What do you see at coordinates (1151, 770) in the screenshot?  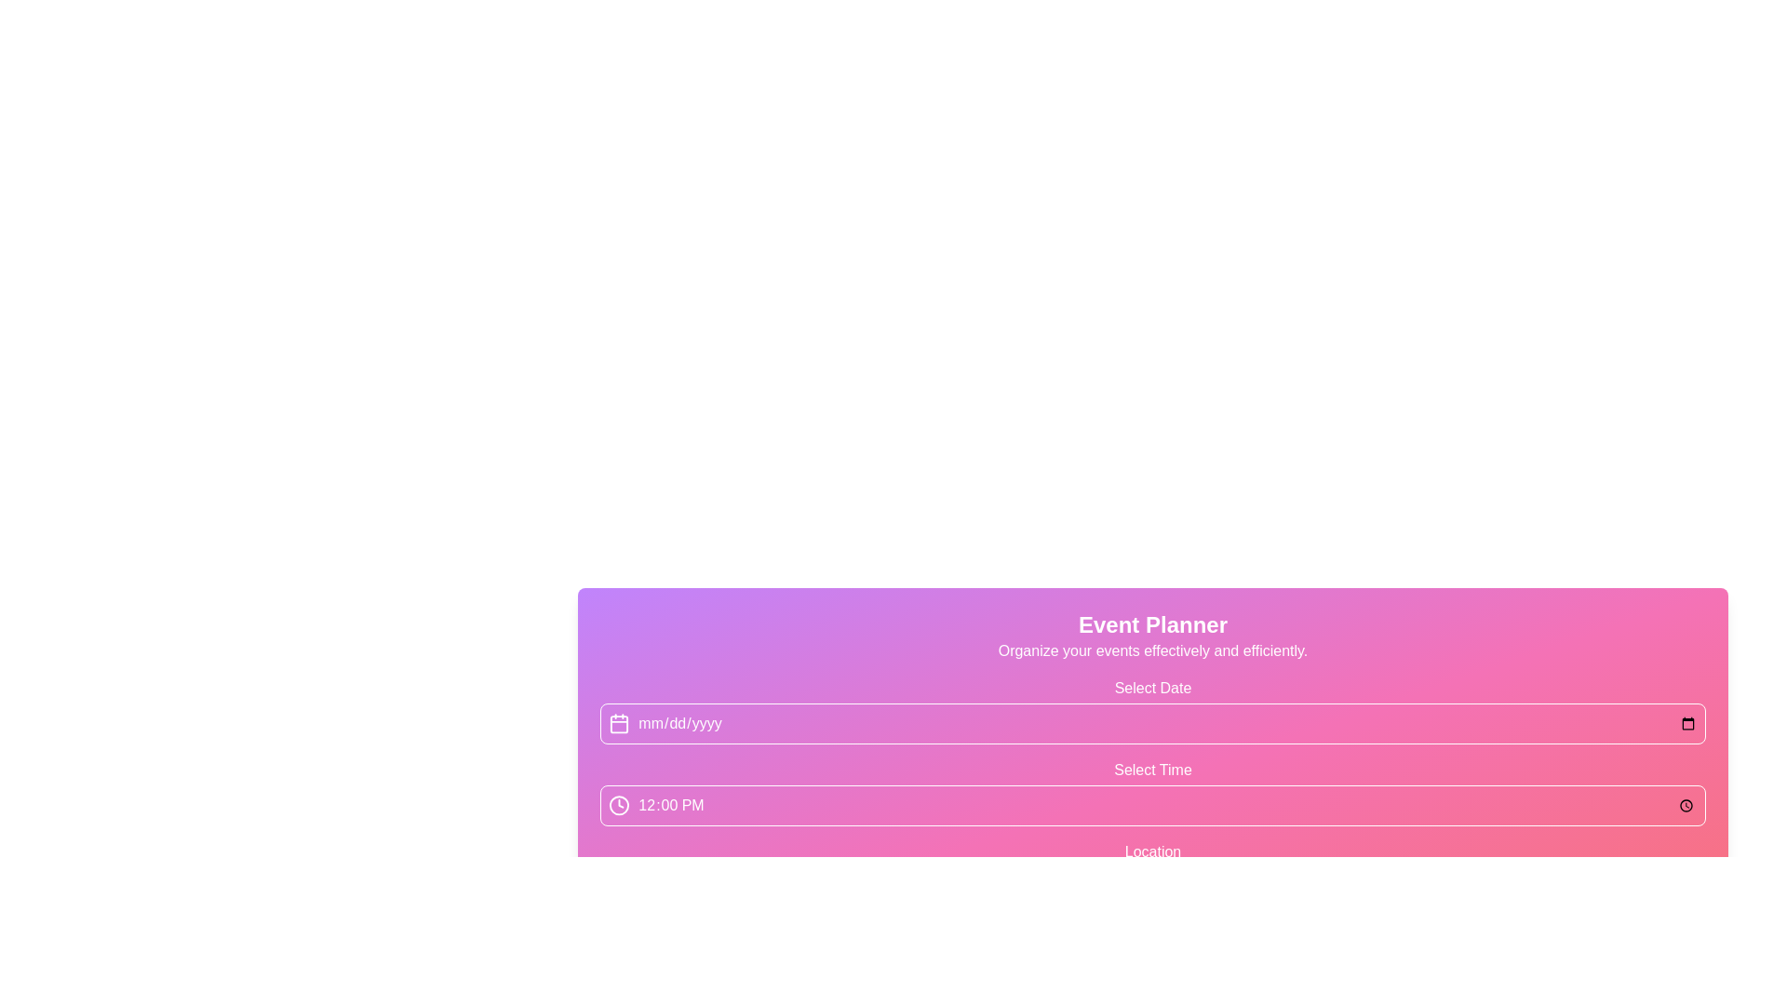 I see `the 'Select Time' text label, which has a white font and medium weight, positioned at the top of the time selection area above the input field and clock icon` at bounding box center [1151, 770].